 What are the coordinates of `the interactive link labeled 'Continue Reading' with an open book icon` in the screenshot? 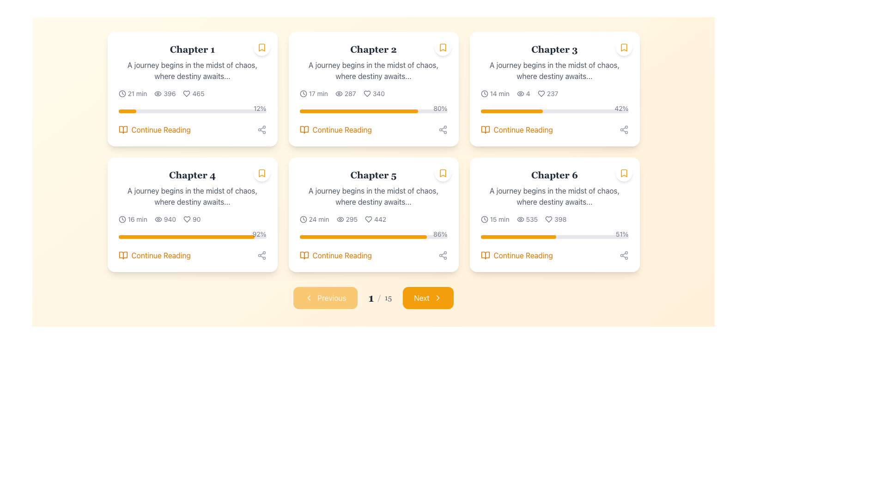 It's located at (335, 130).